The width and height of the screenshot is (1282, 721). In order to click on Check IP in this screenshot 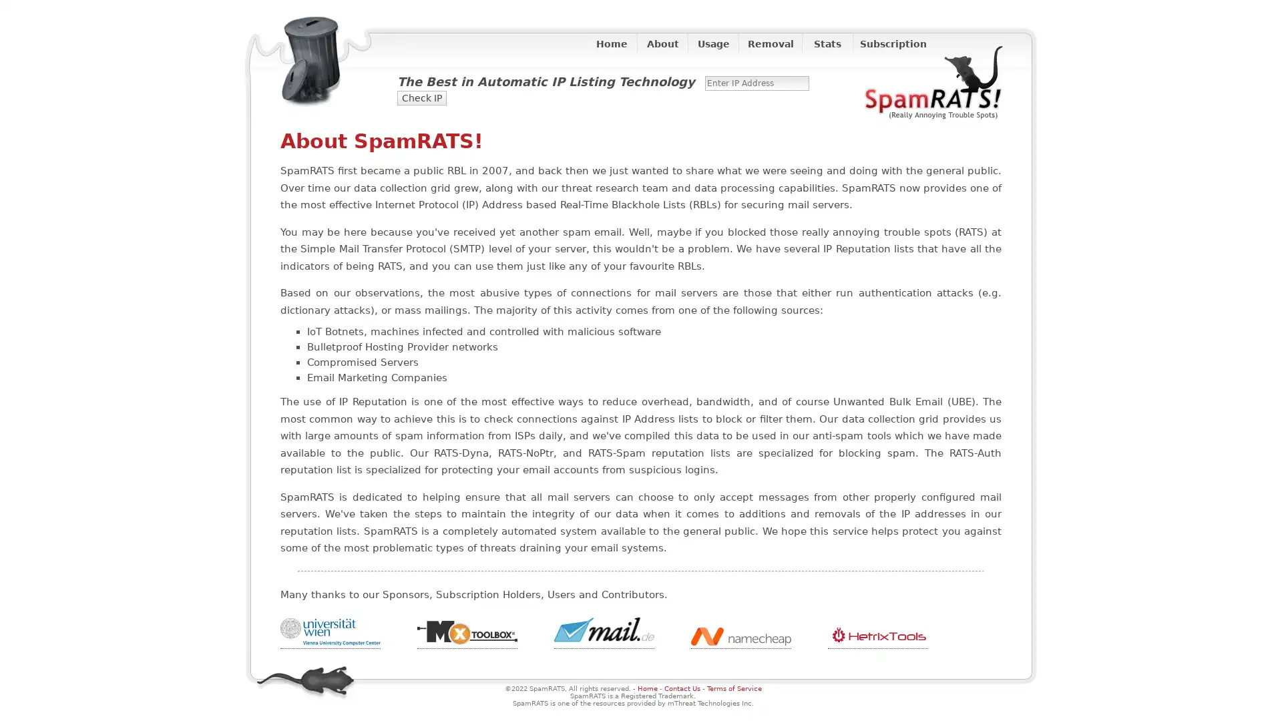, I will do `click(421, 97)`.